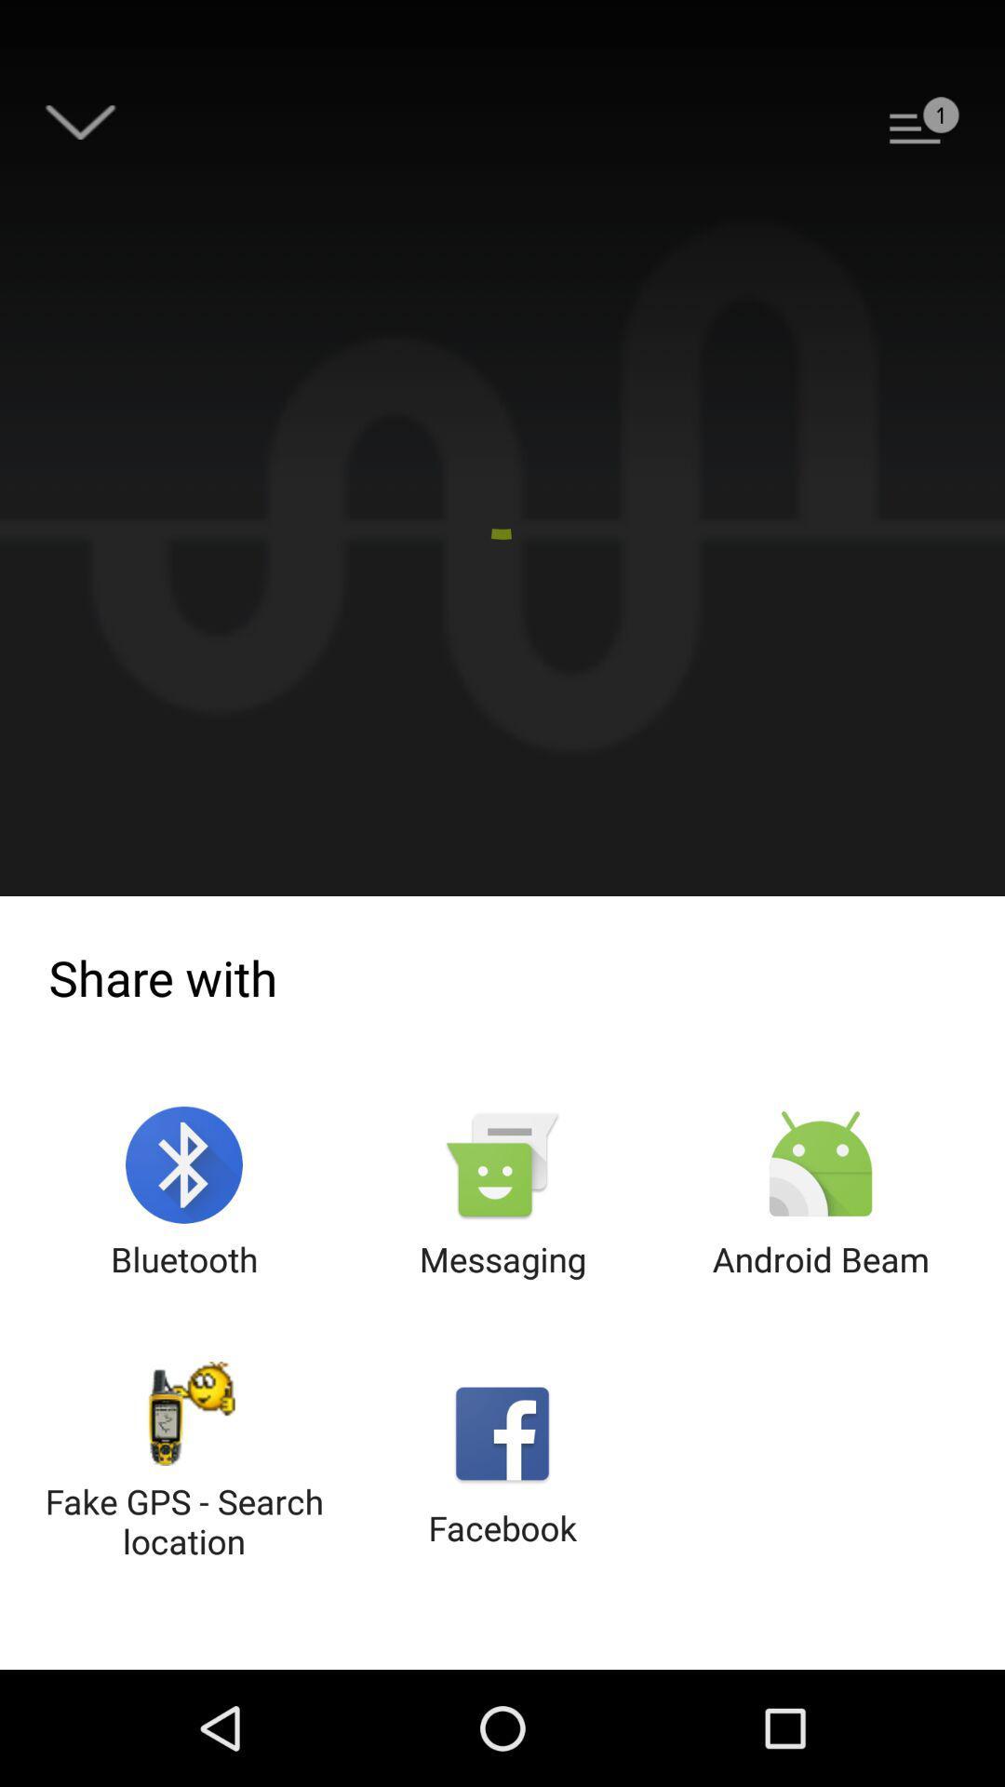  What do you see at coordinates (184, 1194) in the screenshot?
I see `icon above the fake gps search` at bounding box center [184, 1194].